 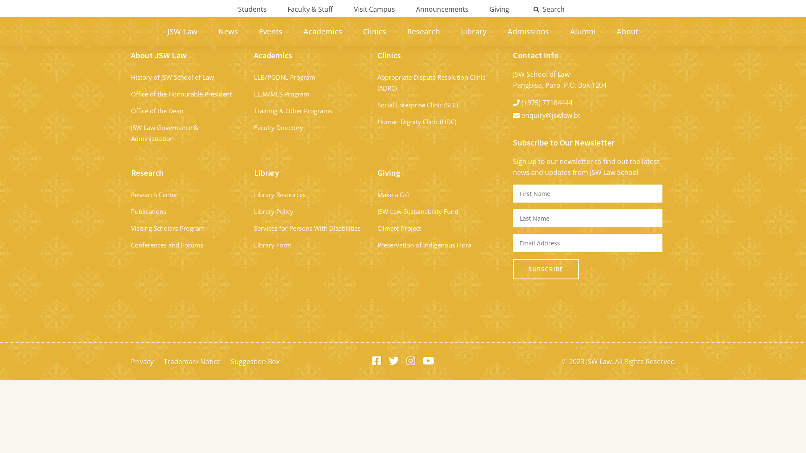 What do you see at coordinates (513, 269) in the screenshot?
I see `'Subscribe'` at bounding box center [513, 269].